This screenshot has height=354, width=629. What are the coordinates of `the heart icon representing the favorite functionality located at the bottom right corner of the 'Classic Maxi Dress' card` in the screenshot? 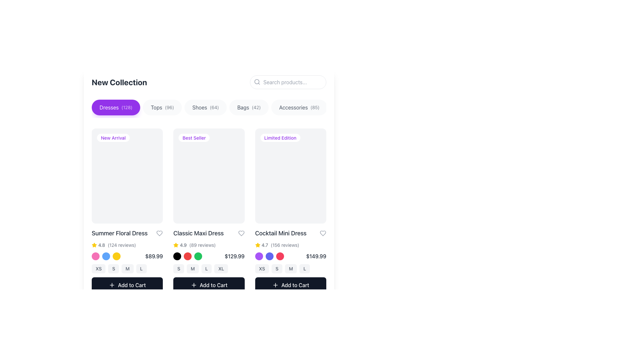 It's located at (160, 233).